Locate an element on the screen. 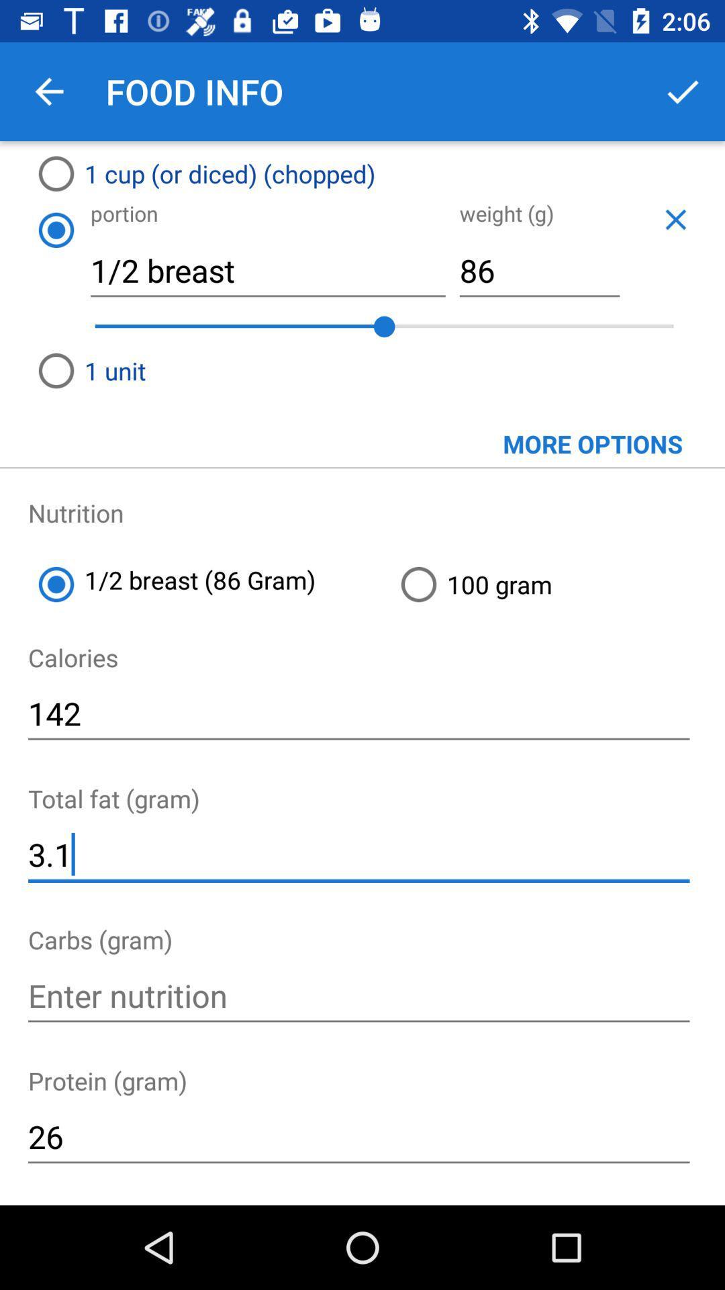 The height and width of the screenshot is (1290, 725). out of screen is located at coordinates (675, 219).